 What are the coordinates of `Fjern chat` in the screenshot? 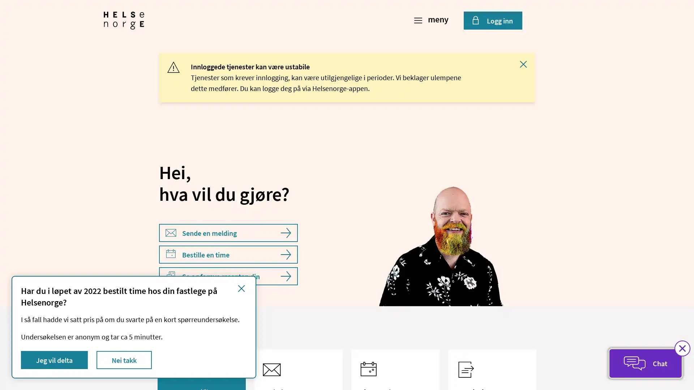 It's located at (682, 348).